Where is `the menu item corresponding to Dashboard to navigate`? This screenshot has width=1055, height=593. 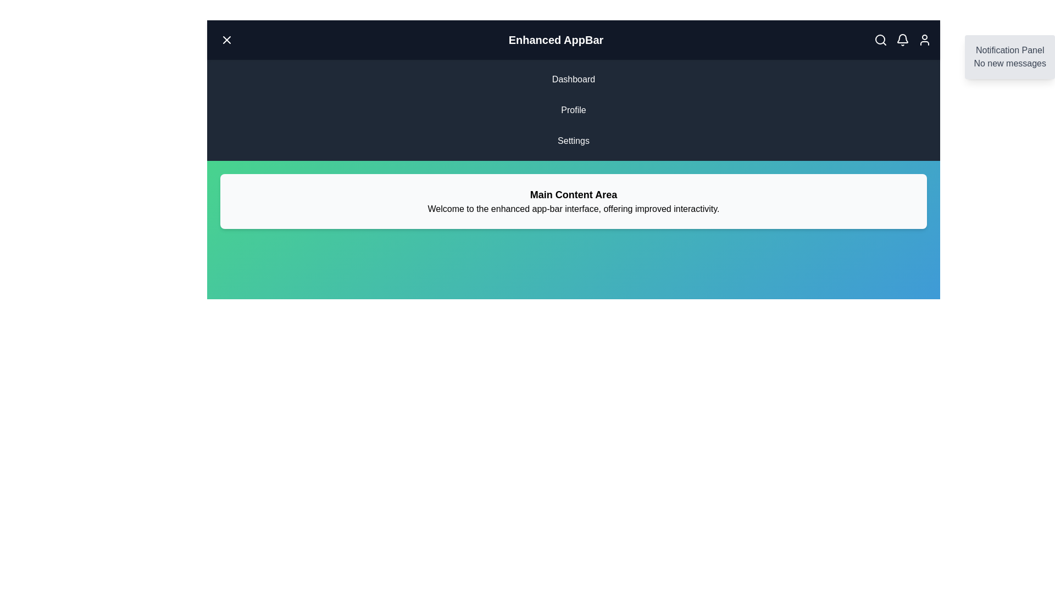 the menu item corresponding to Dashboard to navigate is located at coordinates (573, 79).